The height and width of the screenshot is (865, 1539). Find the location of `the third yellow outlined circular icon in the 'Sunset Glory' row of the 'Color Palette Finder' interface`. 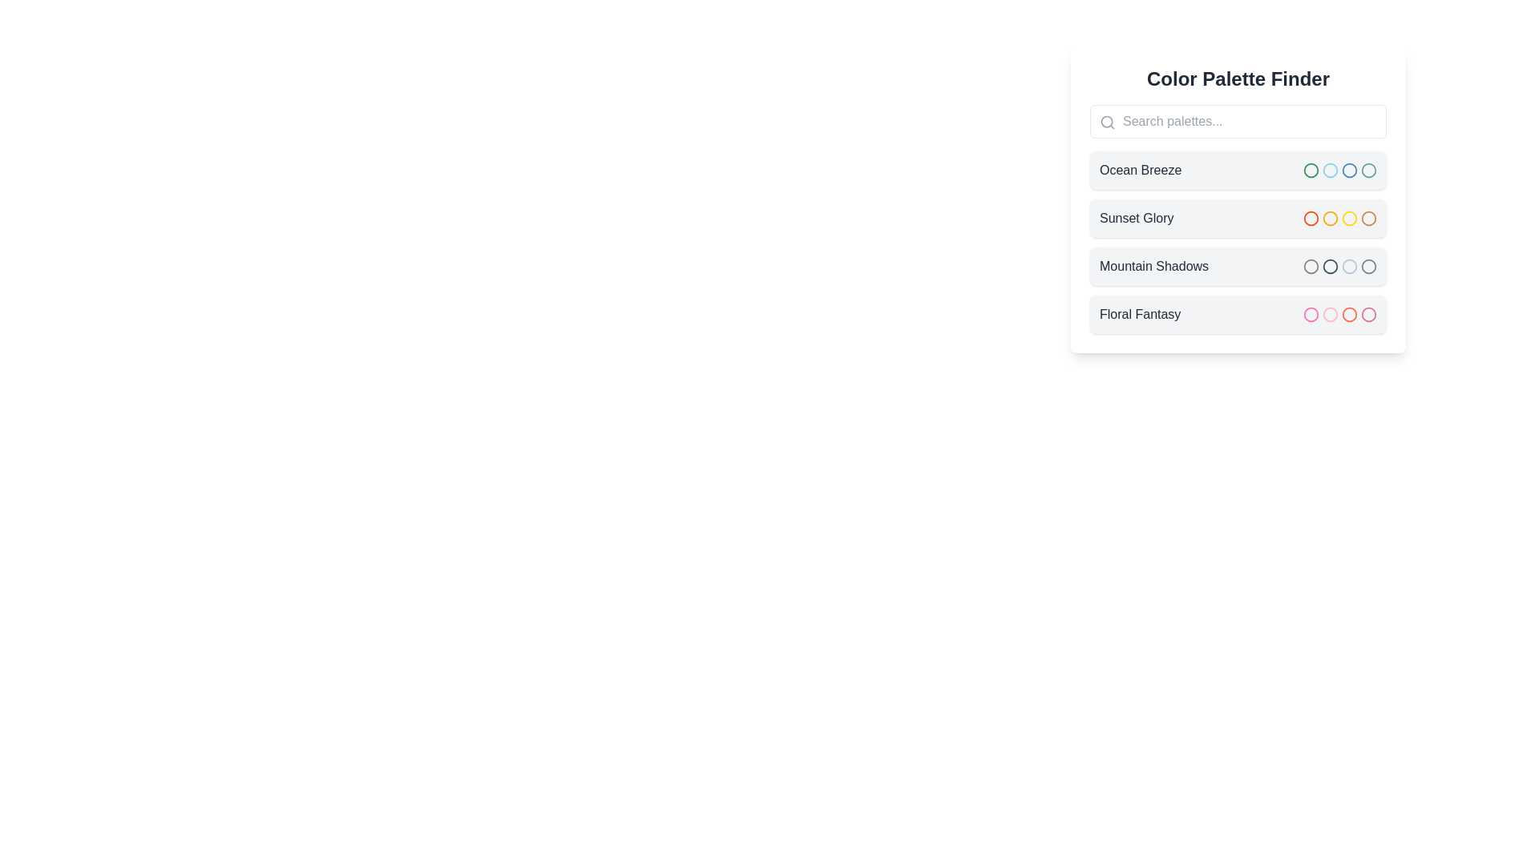

the third yellow outlined circular icon in the 'Sunset Glory' row of the 'Color Palette Finder' interface is located at coordinates (1349, 219).